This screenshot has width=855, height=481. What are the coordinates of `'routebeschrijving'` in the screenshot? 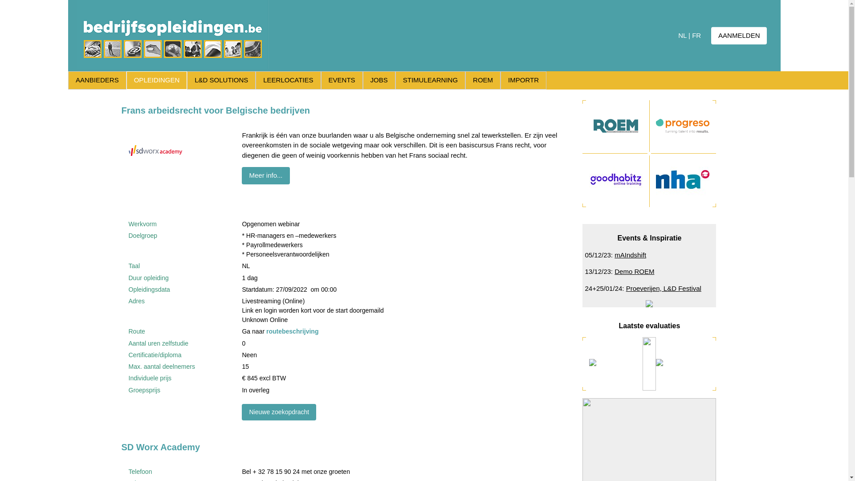 It's located at (292, 331).